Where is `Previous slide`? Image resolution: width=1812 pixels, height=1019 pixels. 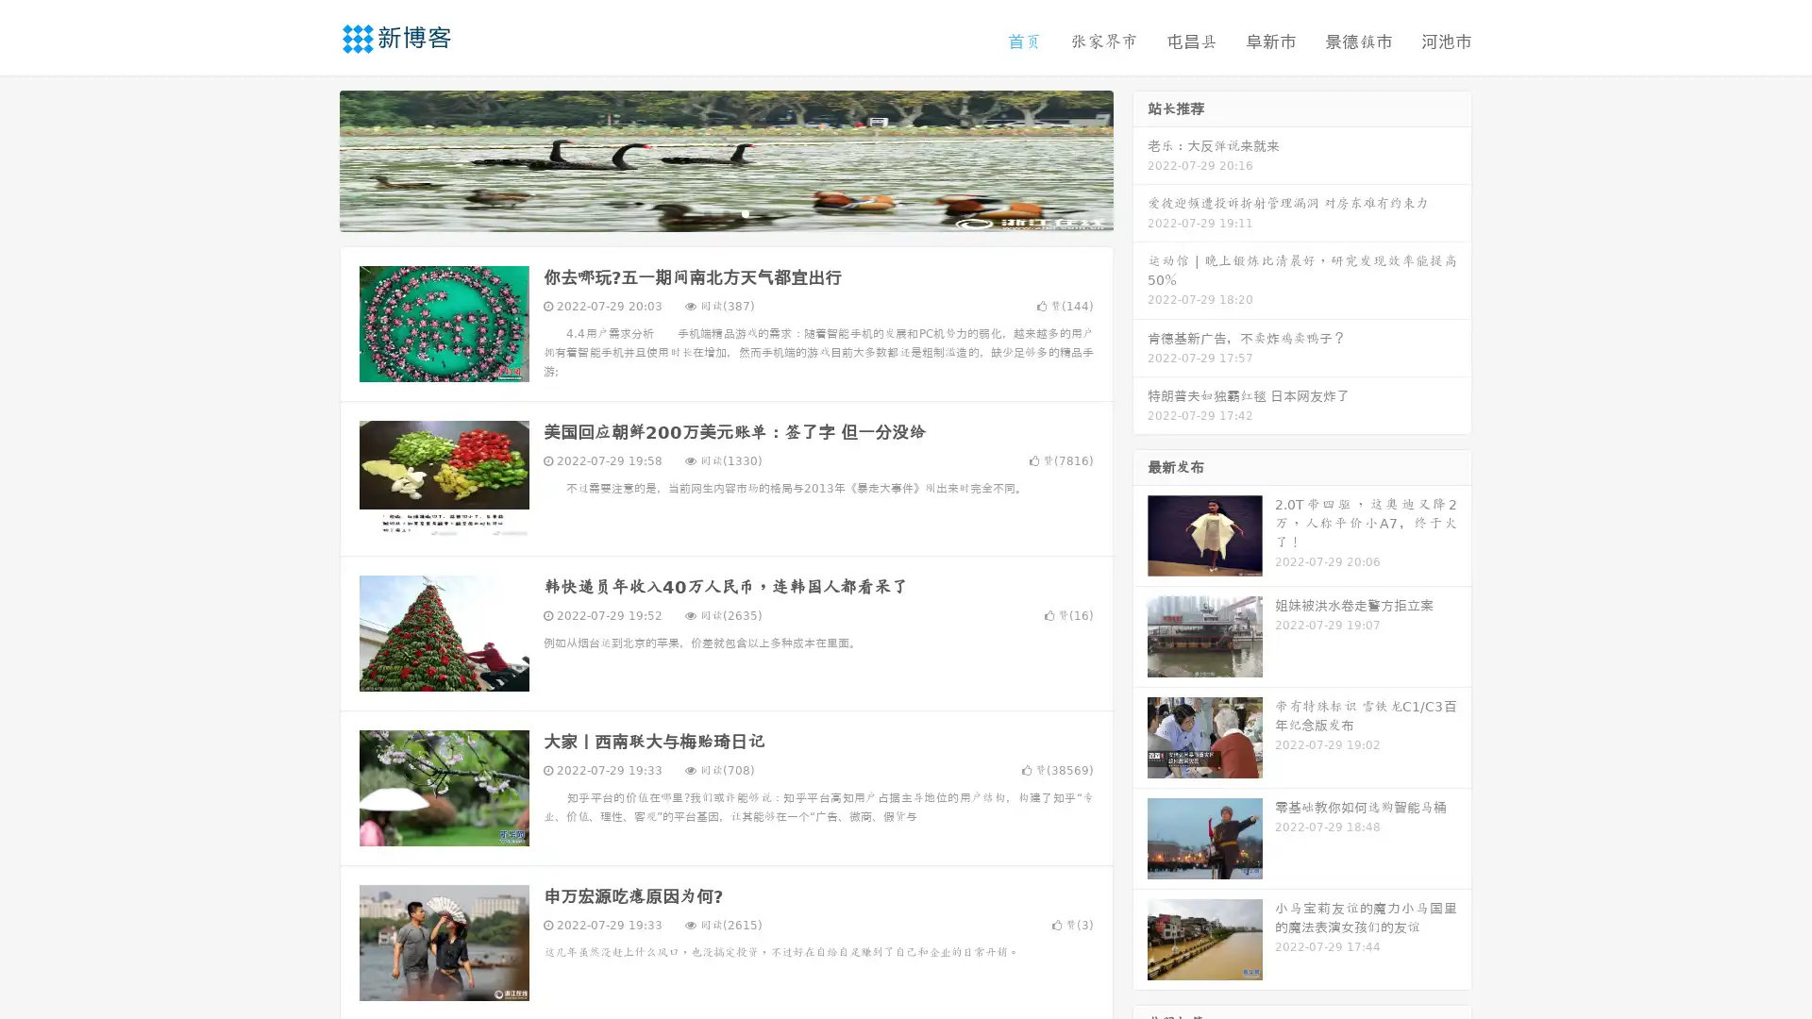
Previous slide is located at coordinates (311, 159).